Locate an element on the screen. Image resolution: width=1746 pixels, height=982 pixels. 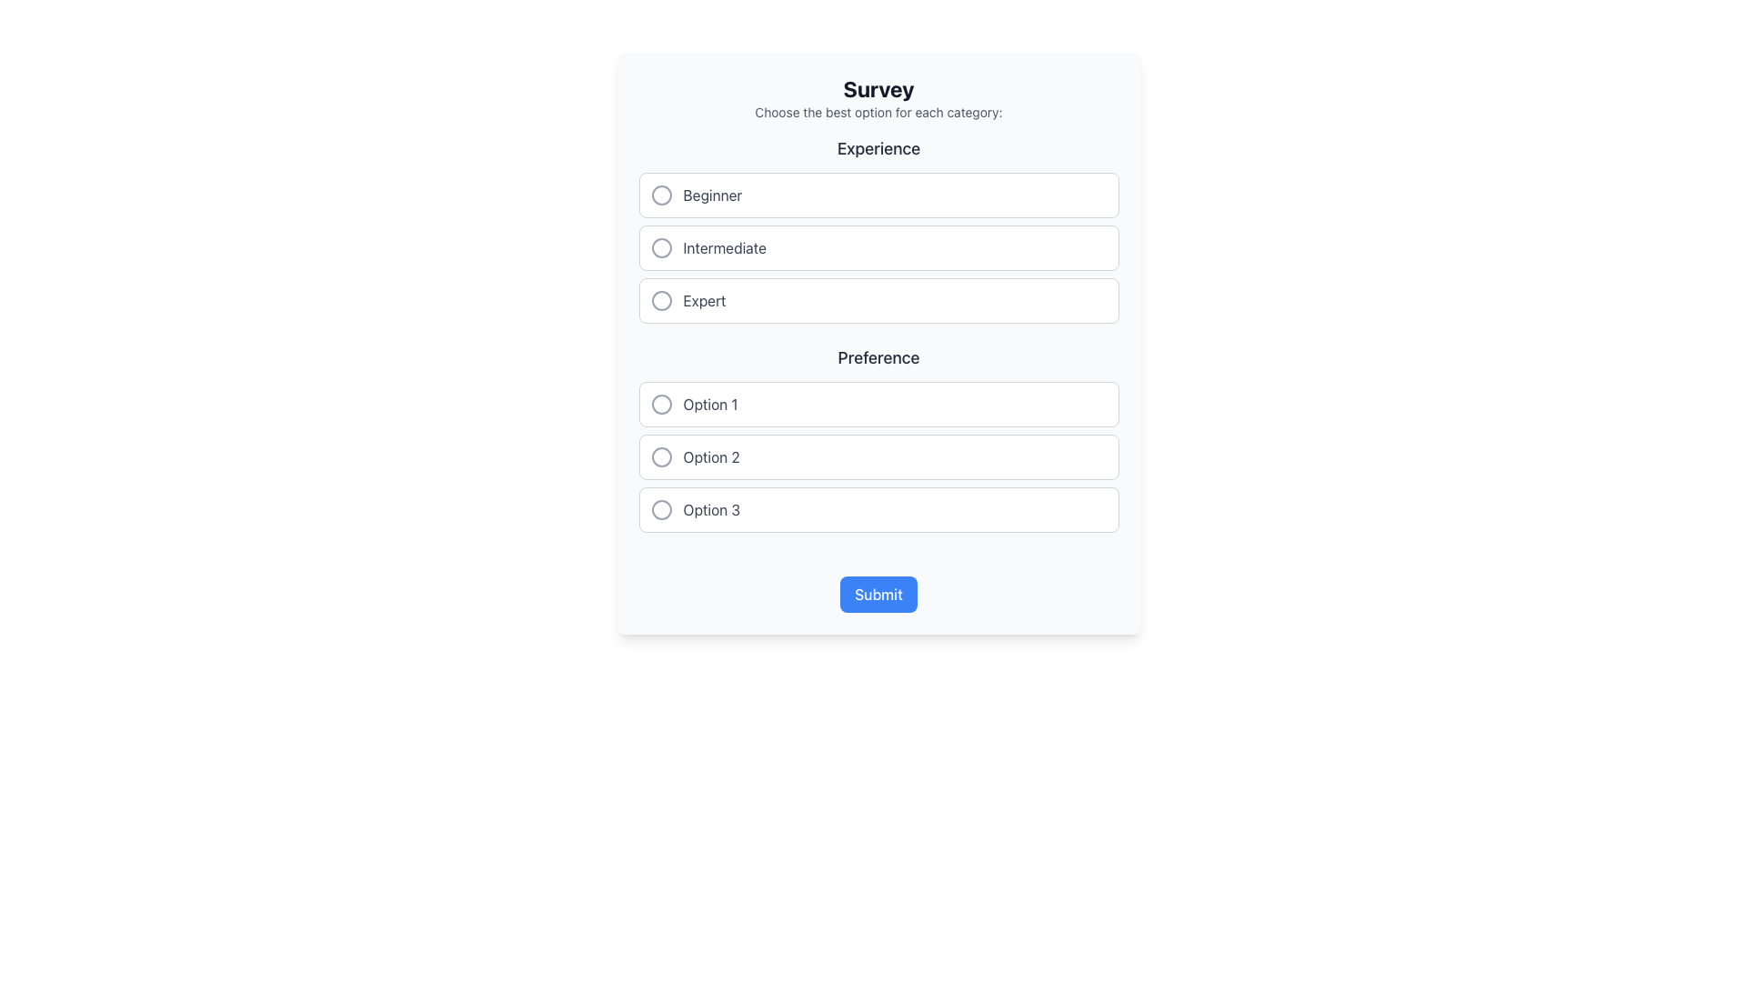
the circular outline of the selection indicator for the second radio button option labeled 'Intermediate' is located at coordinates (660, 248).